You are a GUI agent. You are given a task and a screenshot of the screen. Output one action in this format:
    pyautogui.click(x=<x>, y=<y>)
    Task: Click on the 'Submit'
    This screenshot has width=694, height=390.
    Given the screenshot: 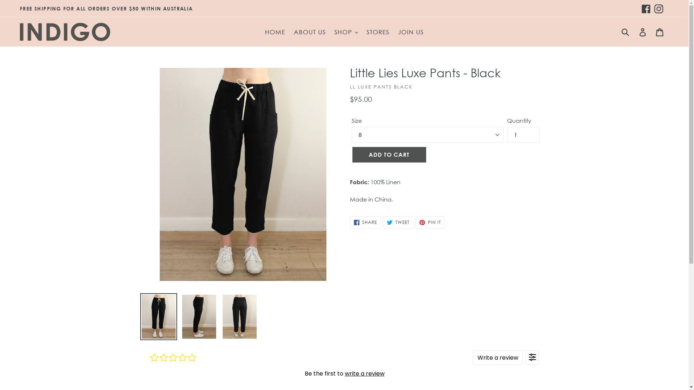 What is the action you would take?
    pyautogui.click(x=625, y=31)
    